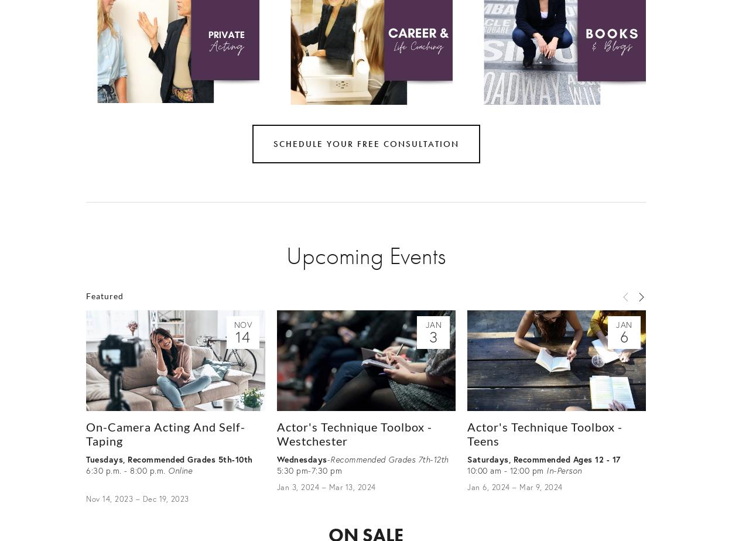  What do you see at coordinates (309, 470) in the screenshot?
I see `'5:30 pm-7:30 pm'` at bounding box center [309, 470].